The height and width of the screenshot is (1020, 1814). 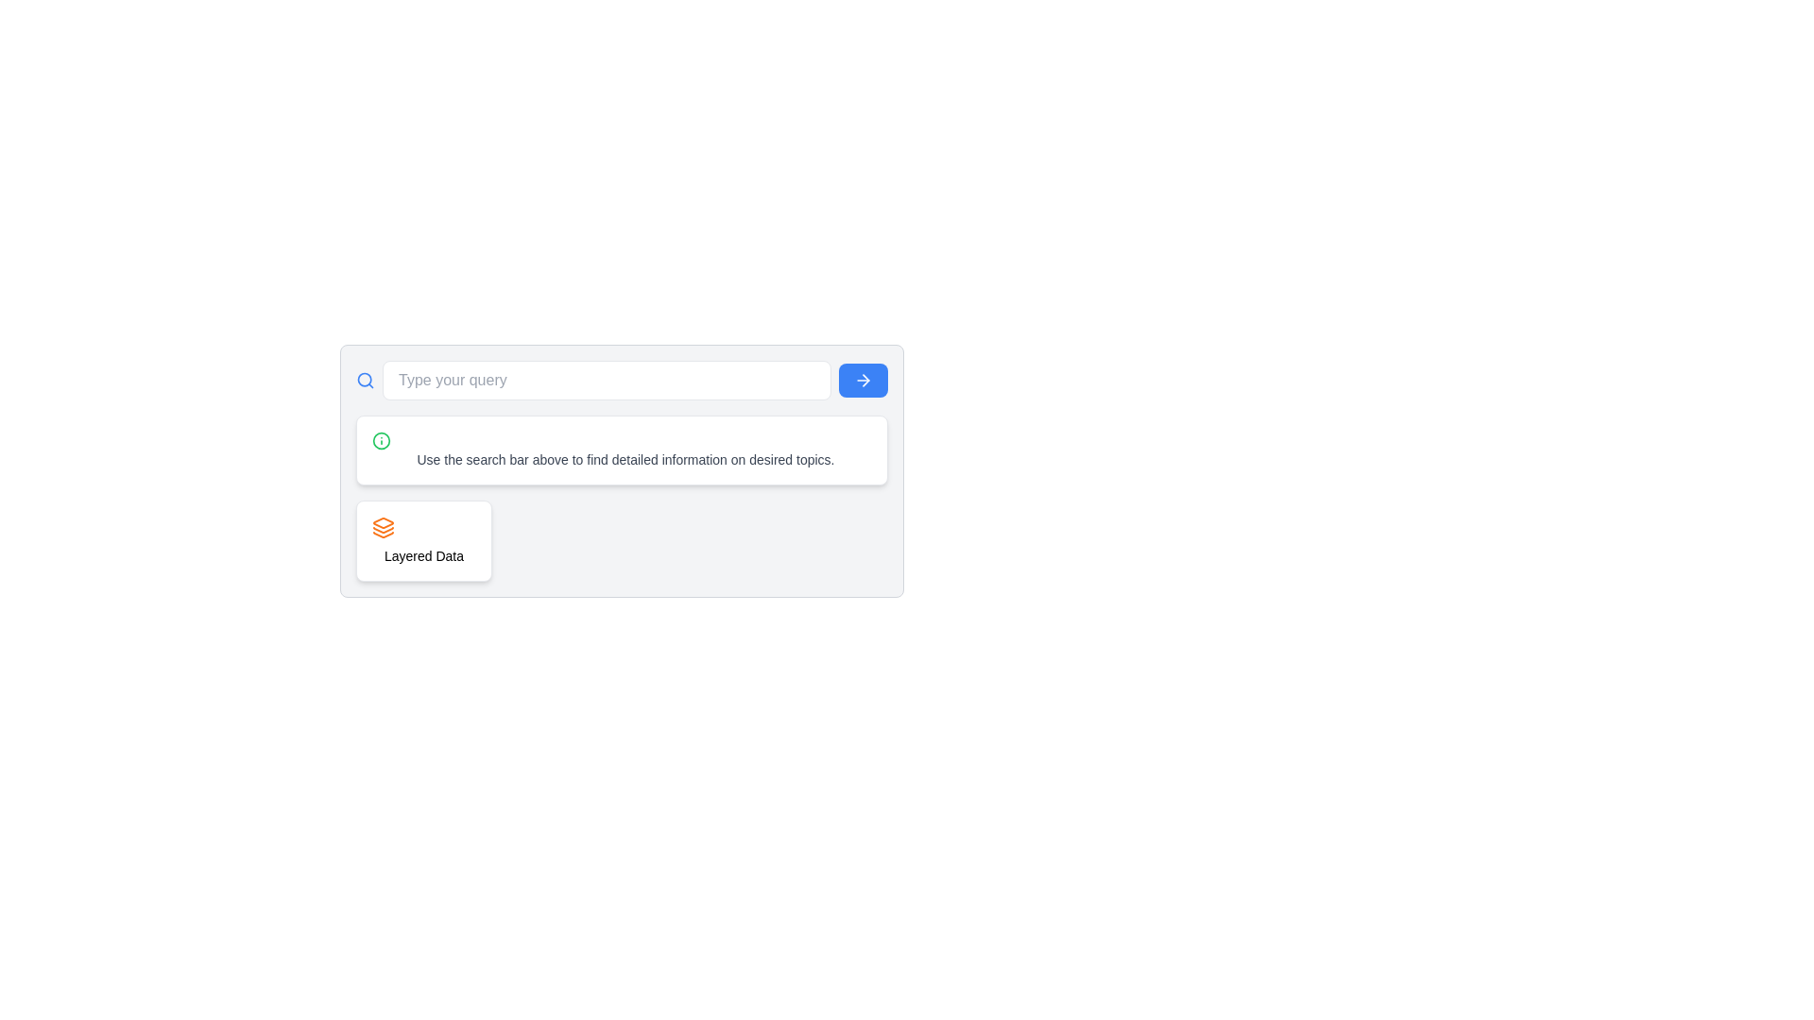 What do you see at coordinates (862, 380) in the screenshot?
I see `the submit button located at the far right of the search input field` at bounding box center [862, 380].